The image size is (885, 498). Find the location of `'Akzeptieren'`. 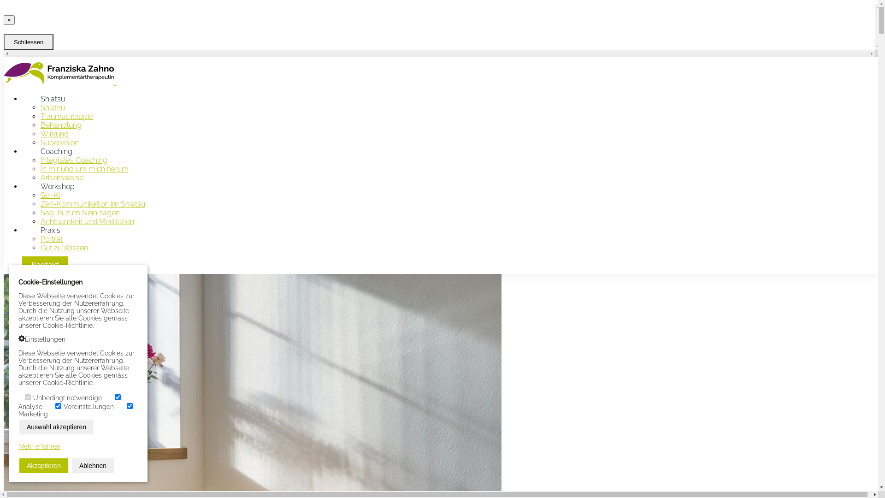

'Akzeptieren' is located at coordinates (43, 466).